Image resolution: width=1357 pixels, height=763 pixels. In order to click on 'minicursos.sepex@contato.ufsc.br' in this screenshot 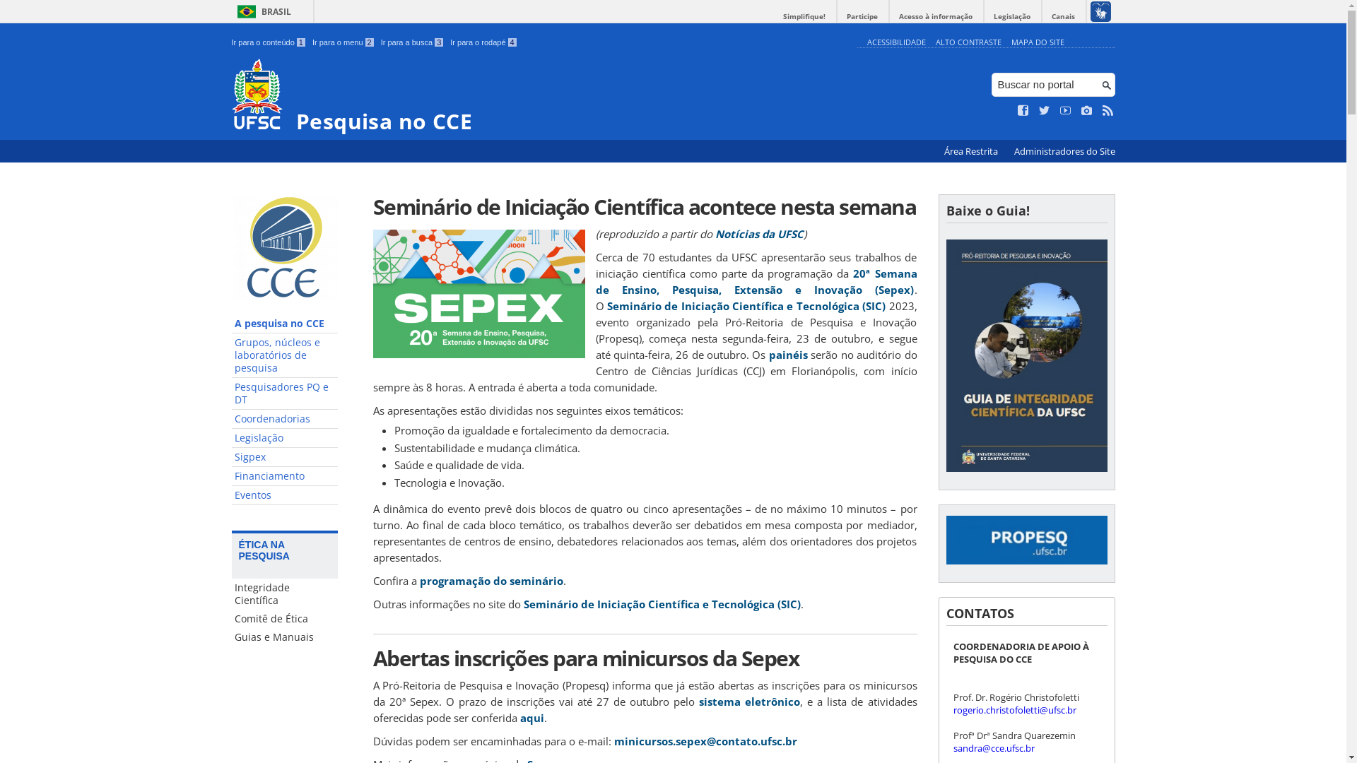, I will do `click(705, 740)`.